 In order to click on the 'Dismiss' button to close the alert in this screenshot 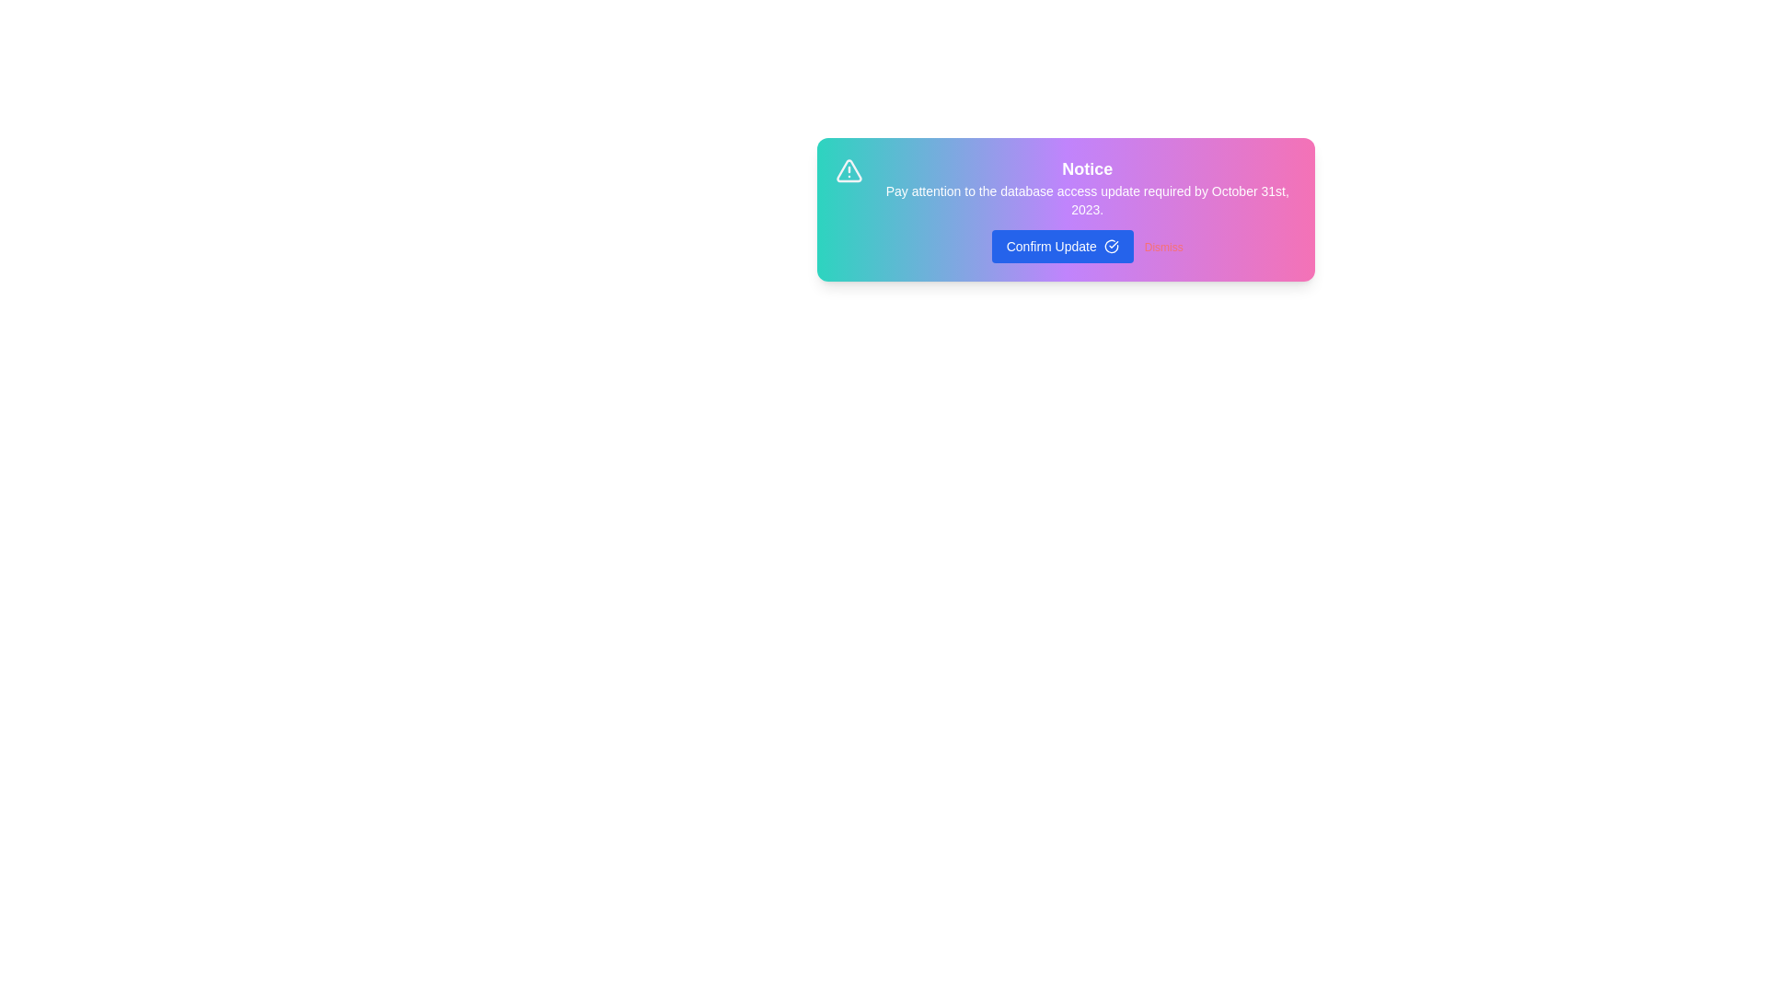, I will do `click(1162, 247)`.